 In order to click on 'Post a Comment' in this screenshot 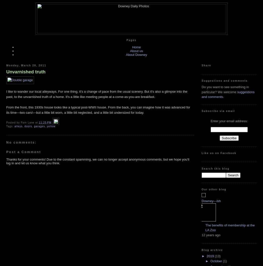, I will do `click(23, 152)`.